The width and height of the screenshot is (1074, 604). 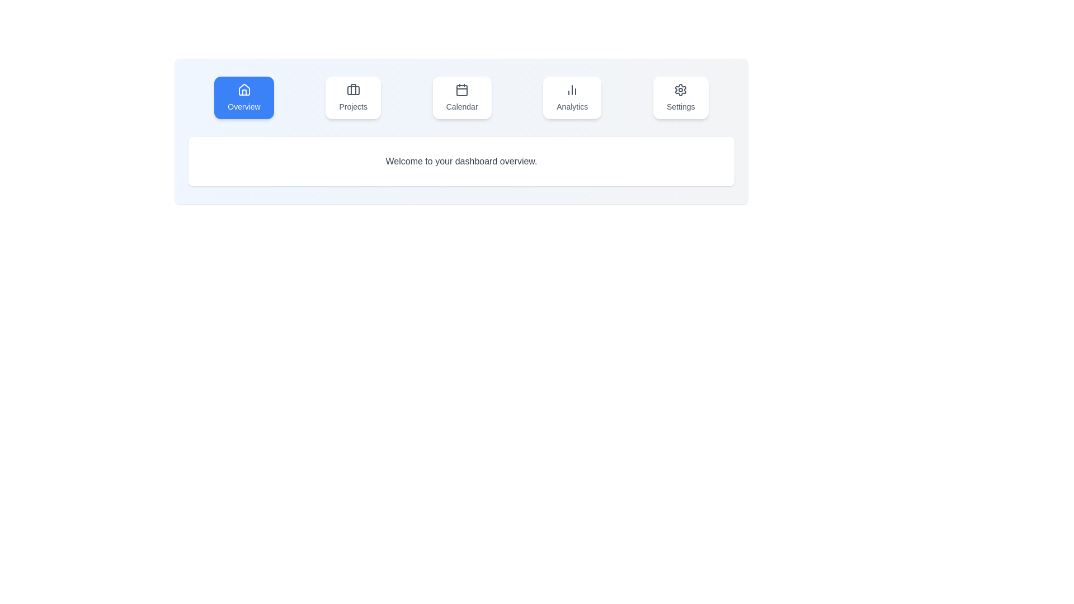 I want to click on the rectangular button labeled 'Projects' with a briefcase icon, so click(x=352, y=97).